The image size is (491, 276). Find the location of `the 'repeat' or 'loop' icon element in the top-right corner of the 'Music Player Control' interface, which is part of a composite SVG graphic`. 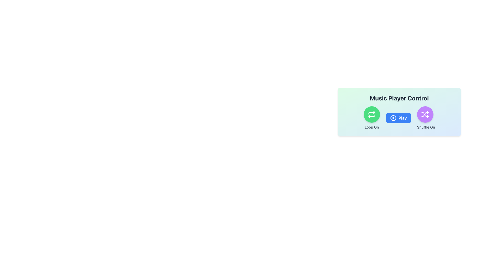

the 'repeat' or 'loop' icon element in the top-right corner of the 'Music Player Control' interface, which is part of a composite SVG graphic is located at coordinates (374, 112).